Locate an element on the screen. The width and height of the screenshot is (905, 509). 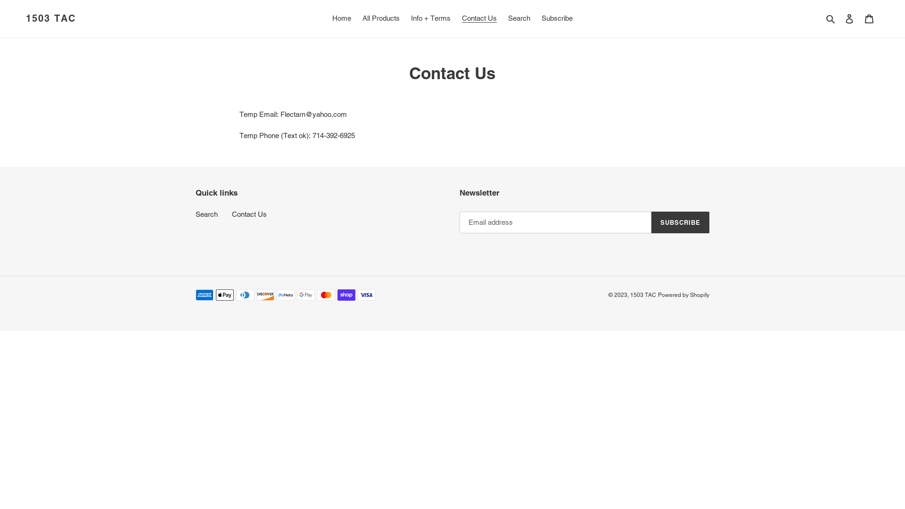
'Cart' is located at coordinates (868, 18).